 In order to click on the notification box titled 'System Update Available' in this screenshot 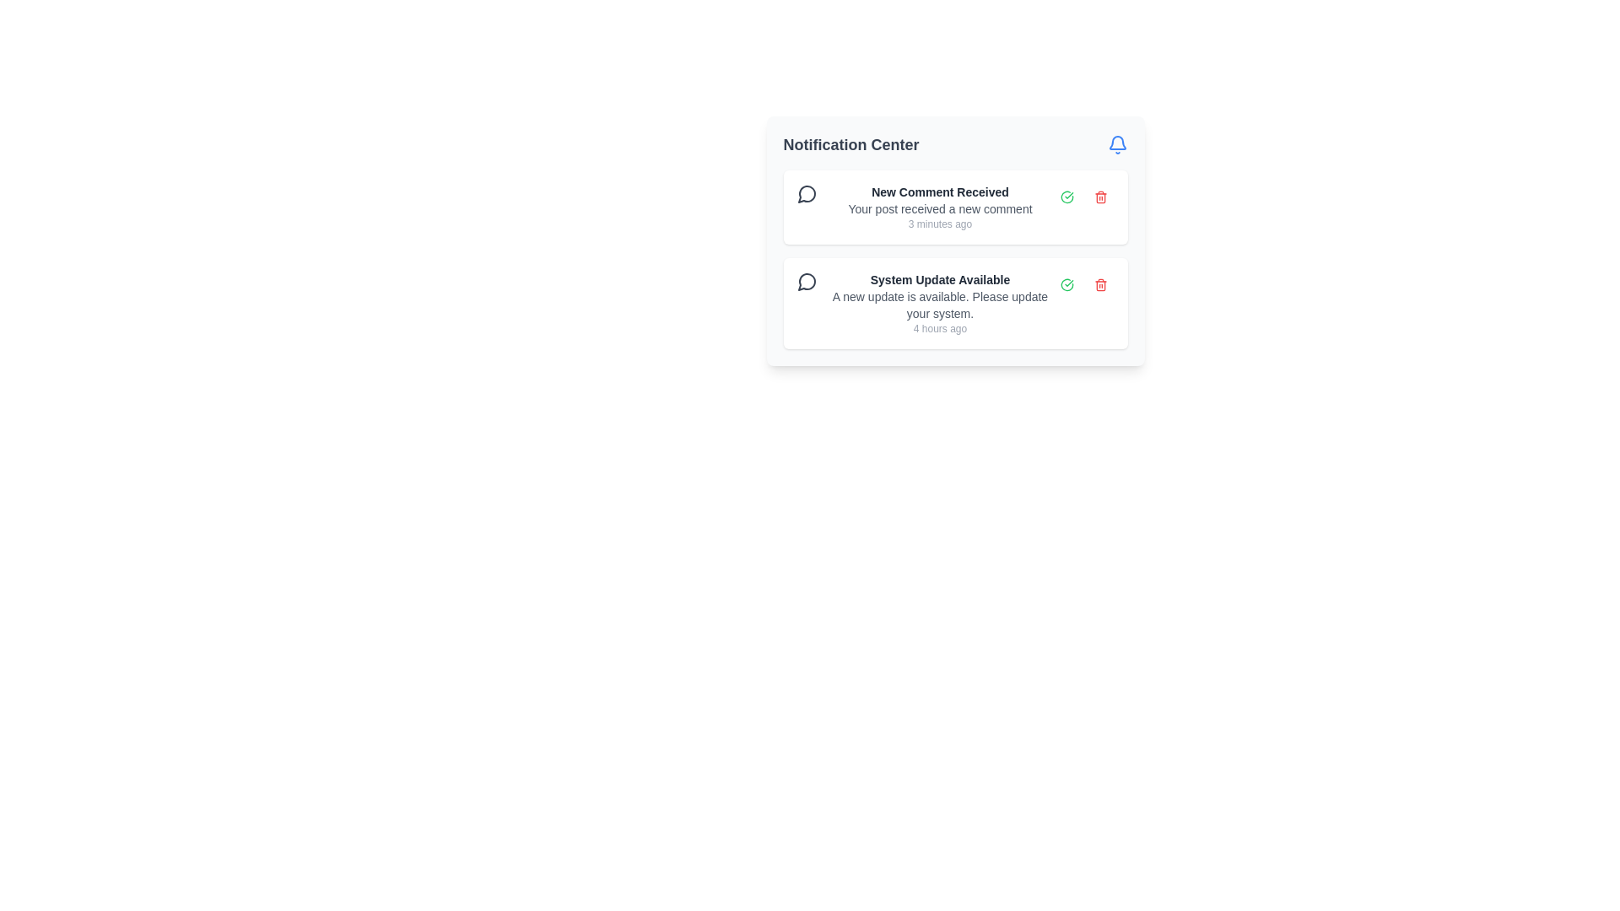, I will do `click(955, 260)`.